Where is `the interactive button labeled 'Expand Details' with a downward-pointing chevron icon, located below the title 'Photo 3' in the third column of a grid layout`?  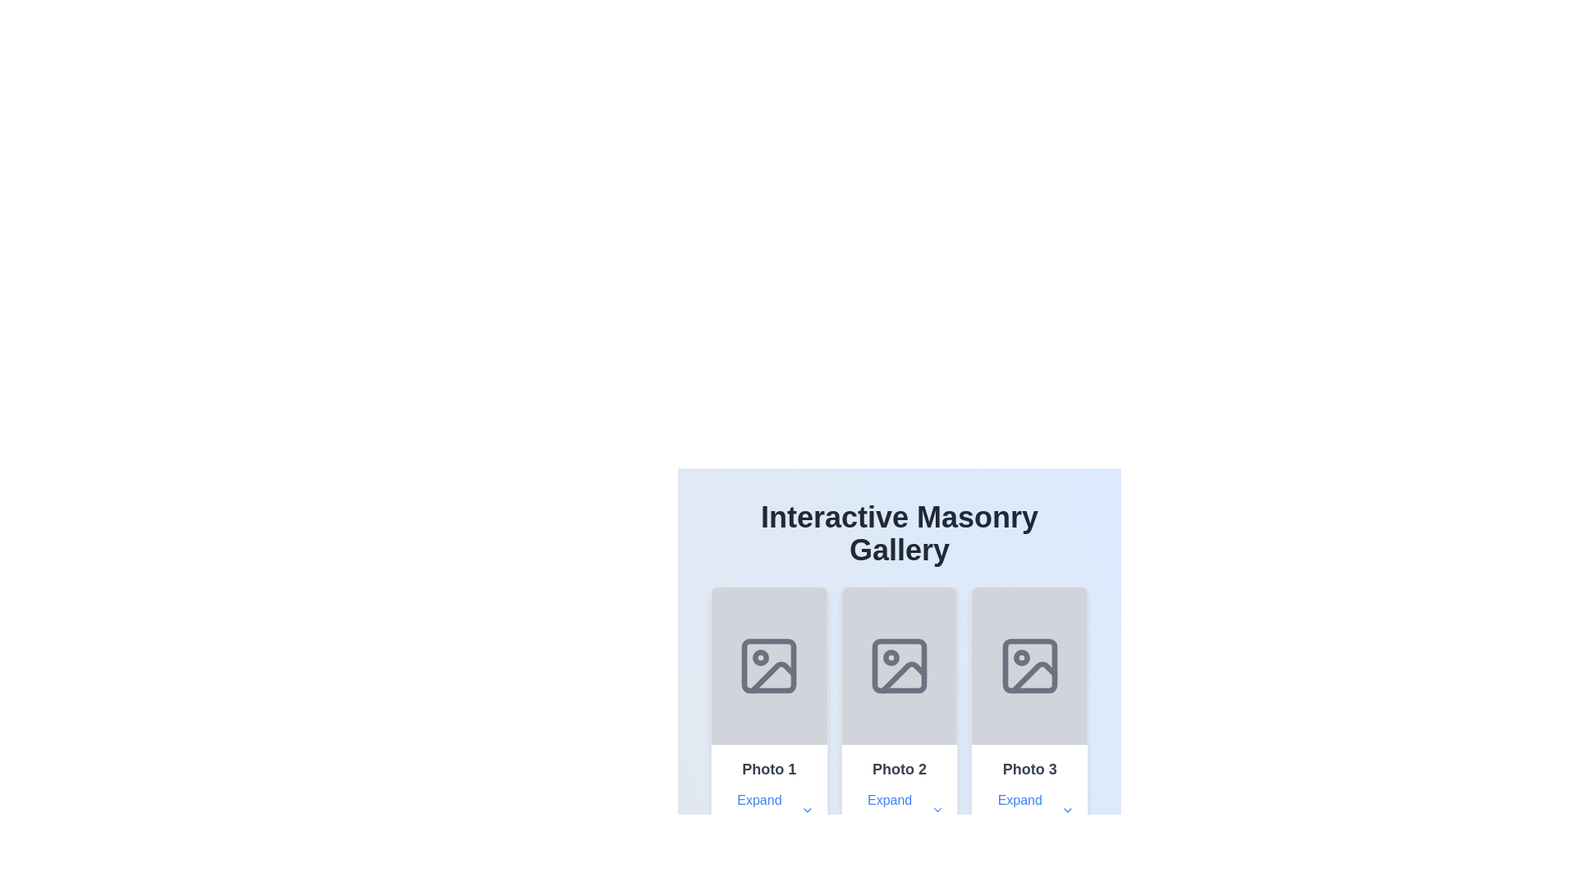 the interactive button labeled 'Expand Details' with a downward-pointing chevron icon, located below the title 'Photo 3' in the third column of a grid layout is located at coordinates (1029, 809).